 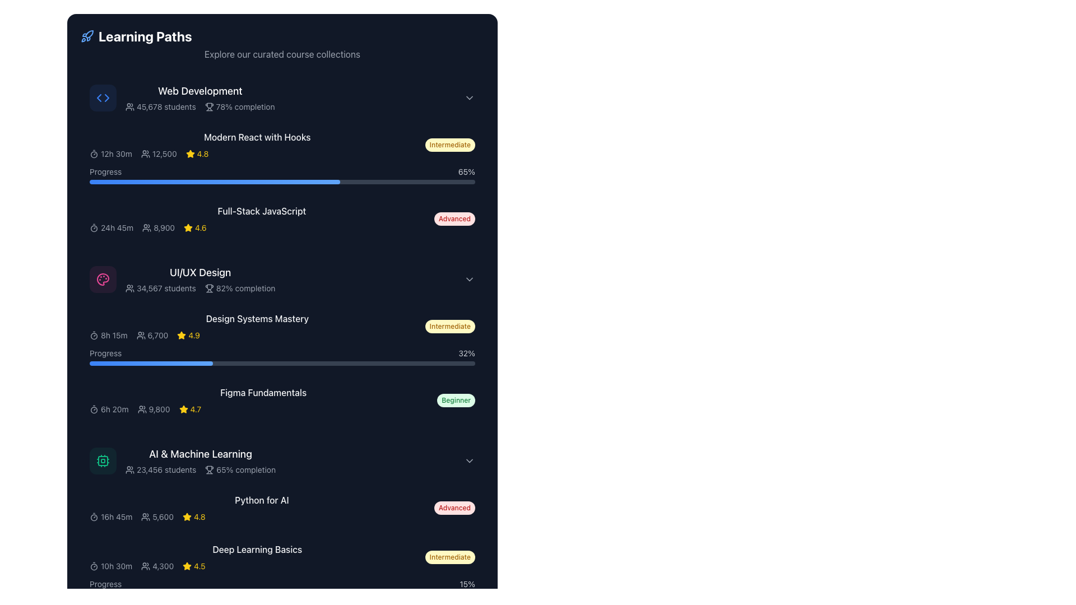 What do you see at coordinates (282, 587) in the screenshot?
I see `the Progress Bar with Labels located at the bottom of the 'Deep Learning Basics' course card to visually indicate the progress of the course` at bounding box center [282, 587].